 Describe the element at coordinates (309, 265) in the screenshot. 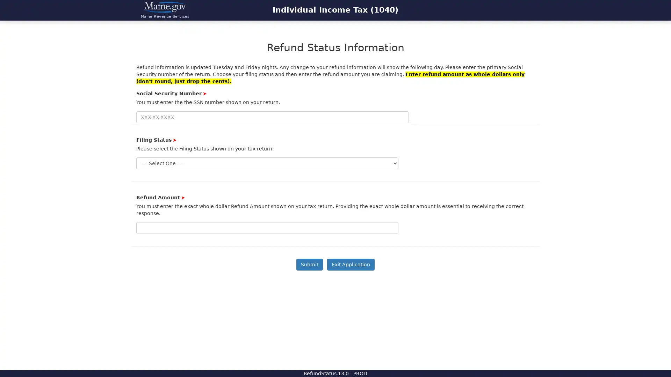

I see `Submit` at that location.